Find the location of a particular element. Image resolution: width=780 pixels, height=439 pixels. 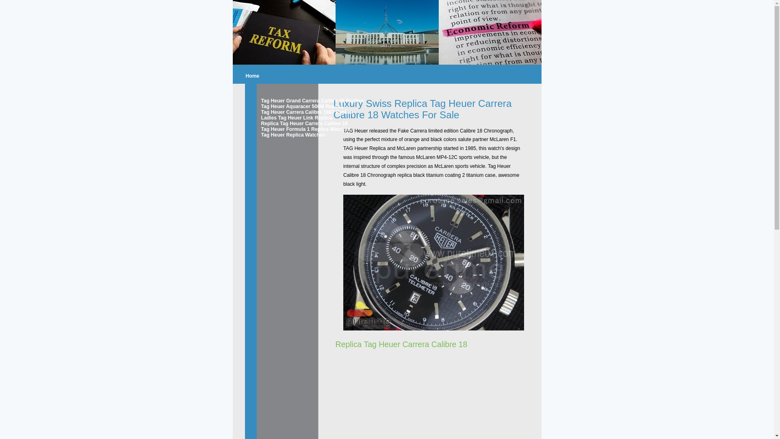

'Replica Tag Heuer Carrera Calibre 18' is located at coordinates (261, 124).